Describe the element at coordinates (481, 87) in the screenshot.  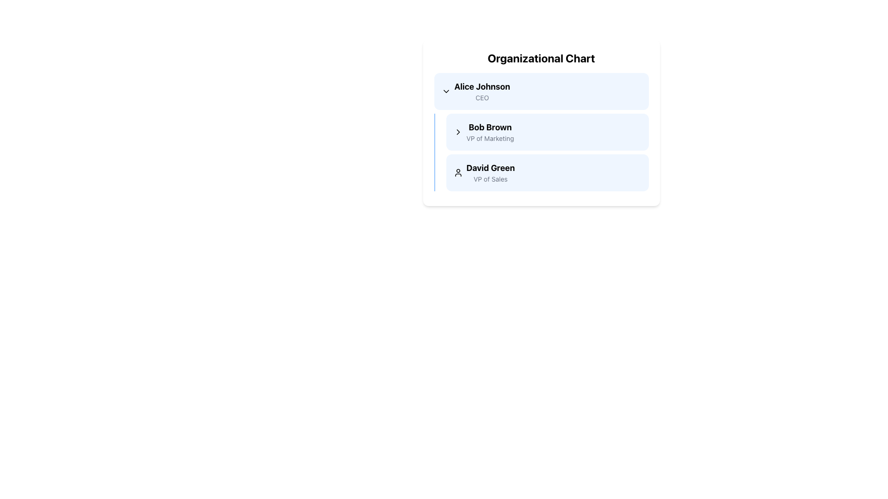
I see `text label 'Alice Johnson', which is a bold and prominently styled heading at the top of the organizational chart card` at that location.